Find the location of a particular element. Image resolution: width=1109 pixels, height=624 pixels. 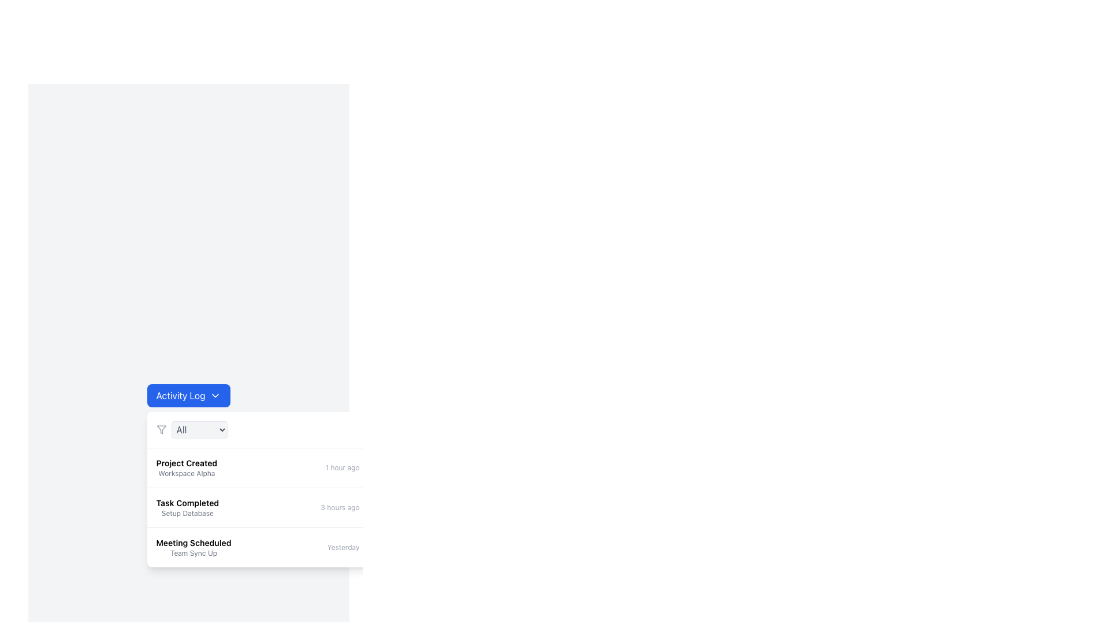

the text label displaying 'Yesterday' in light gray font, located in the third entry of the activity log, to the far right of the row containing 'Meeting Scheduled' and 'Team Sync Up' is located at coordinates (343, 547).